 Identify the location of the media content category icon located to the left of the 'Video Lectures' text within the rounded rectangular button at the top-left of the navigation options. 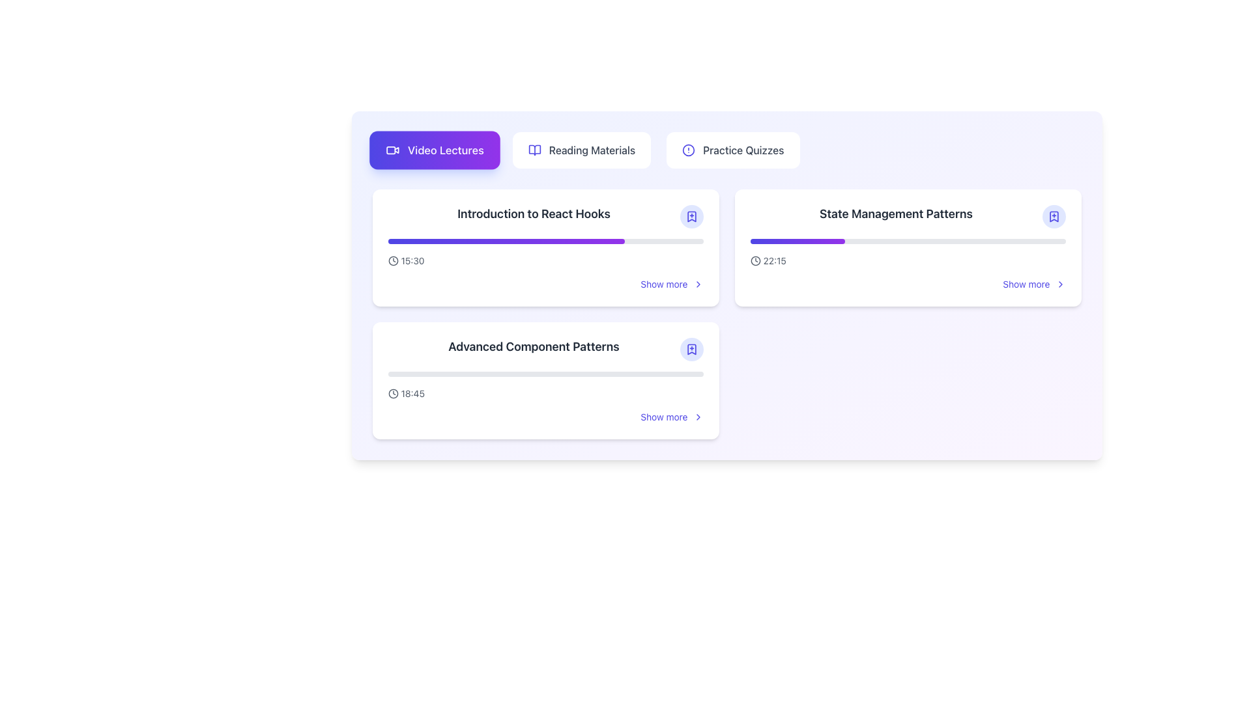
(392, 150).